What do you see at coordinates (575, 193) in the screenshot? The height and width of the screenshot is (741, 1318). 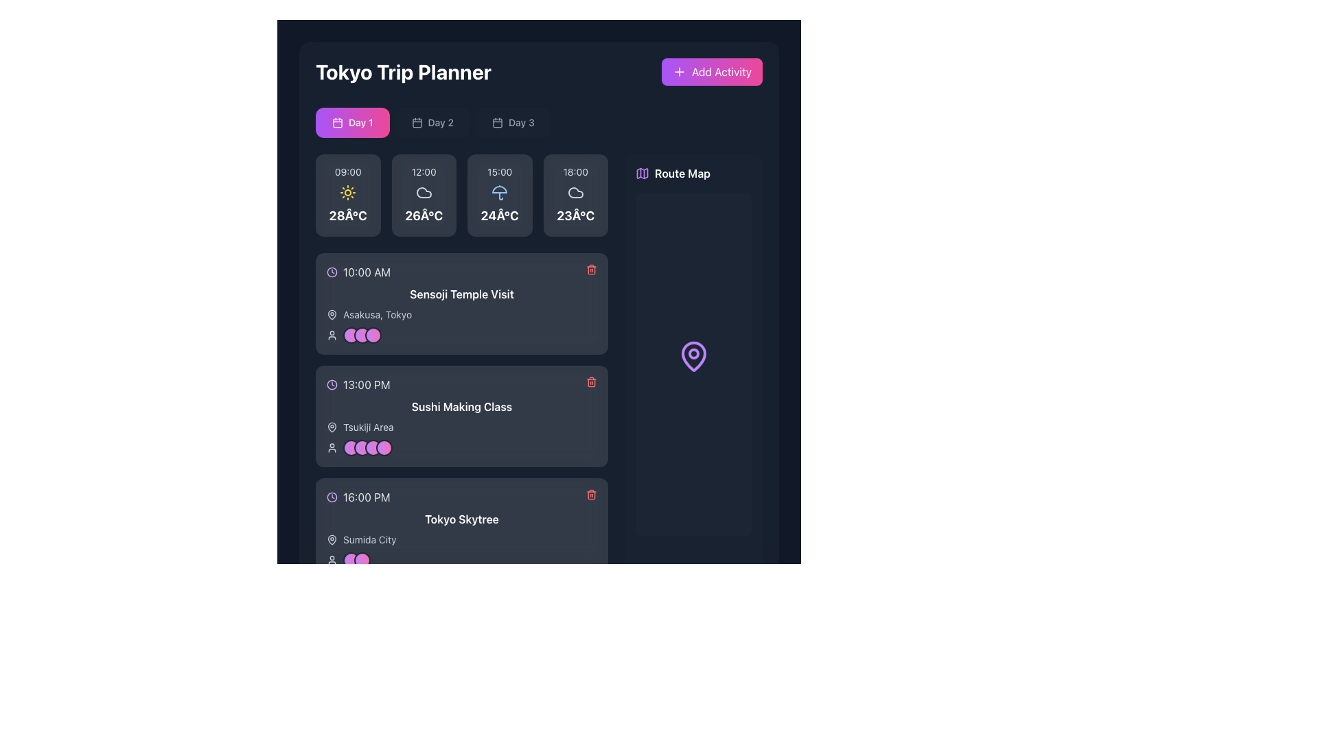 I see `the cloud-shaped icon representing cloudy weather at 18:00, which is located centrally beneath the '18:00' text and above the '23°C' text within the fourth weather card` at bounding box center [575, 193].